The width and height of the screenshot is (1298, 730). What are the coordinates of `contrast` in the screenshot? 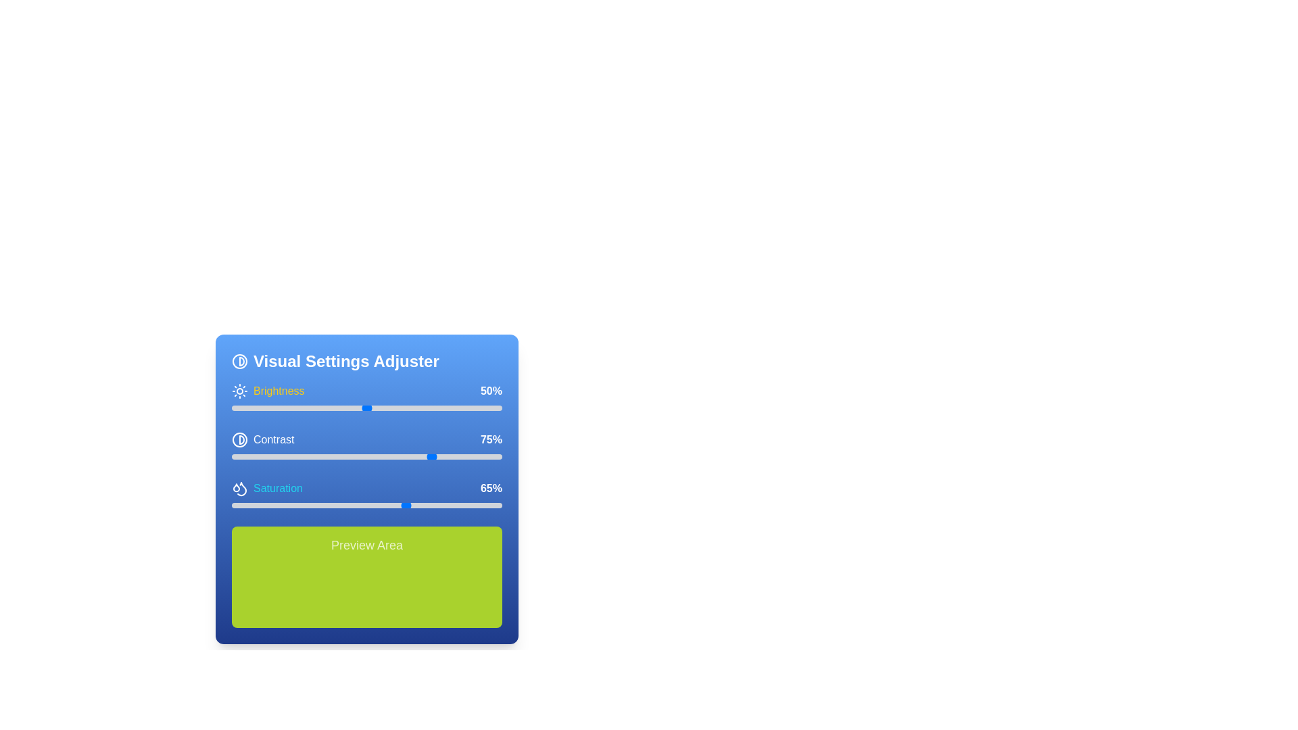 It's located at (477, 456).